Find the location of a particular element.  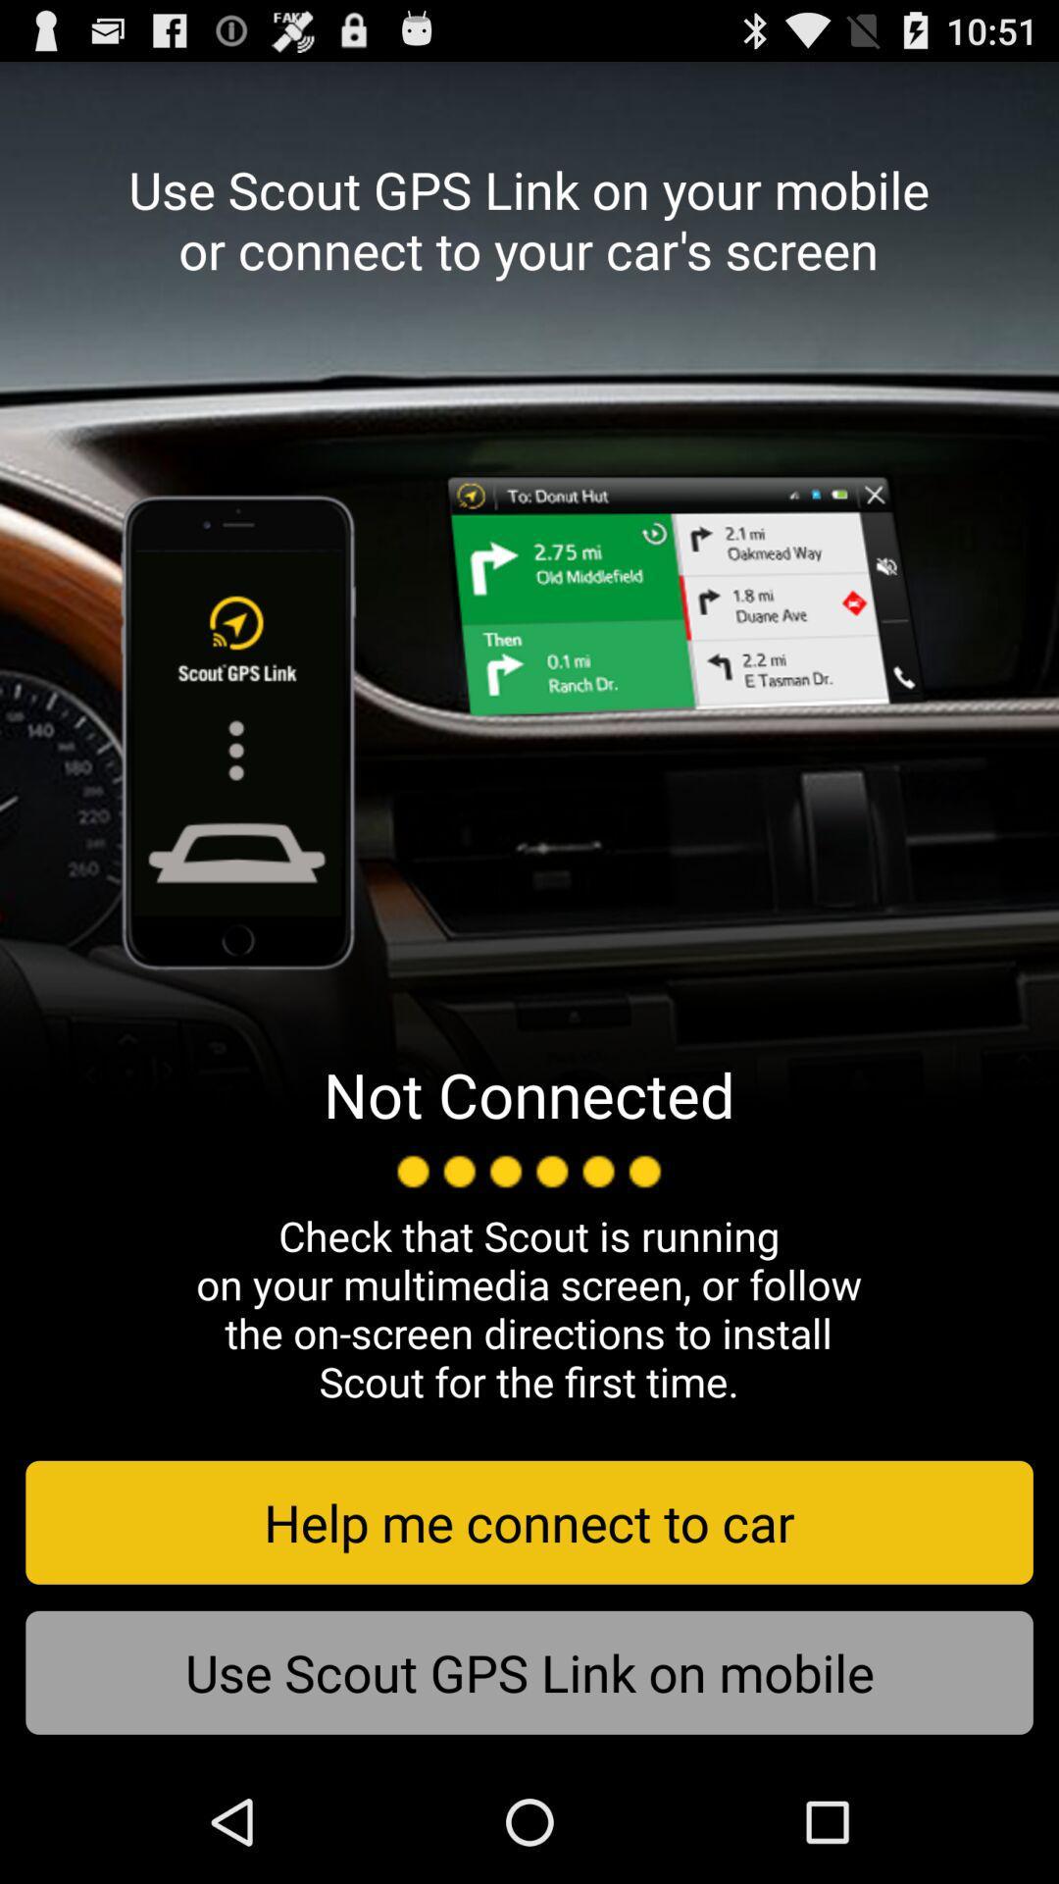

the help me connect is located at coordinates (529, 1521).